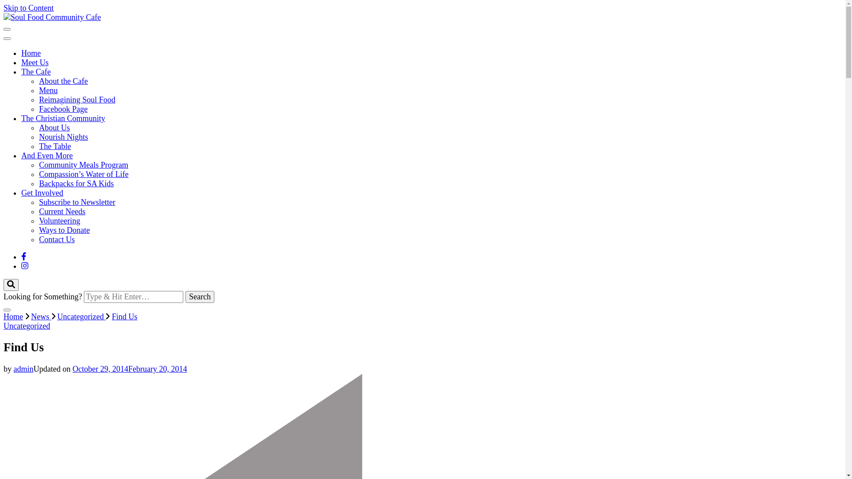 This screenshot has width=852, height=479. I want to click on 'News', so click(40, 316).